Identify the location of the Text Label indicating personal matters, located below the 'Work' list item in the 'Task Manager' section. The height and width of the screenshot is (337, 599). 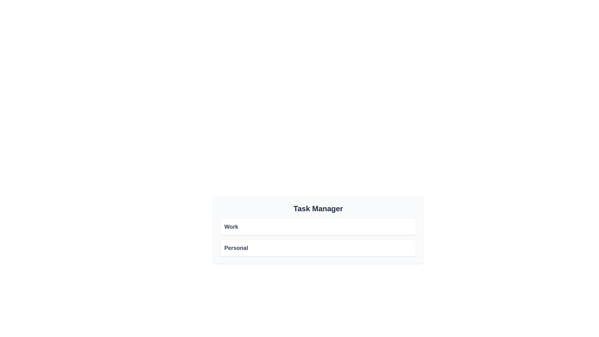
(236, 247).